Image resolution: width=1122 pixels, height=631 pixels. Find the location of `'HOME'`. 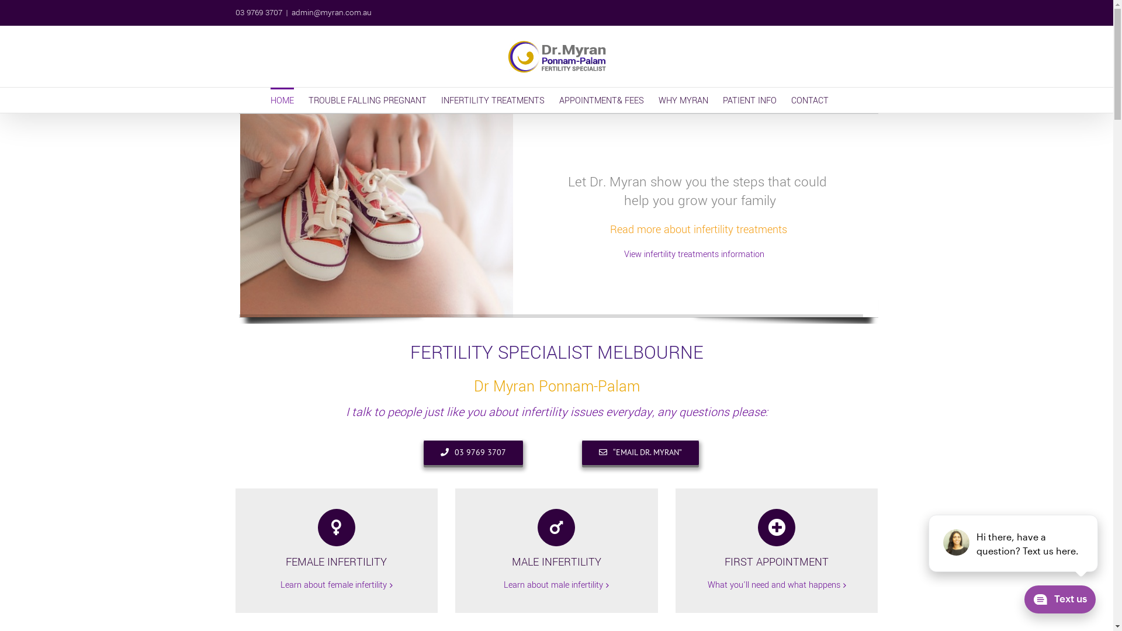

'HOME' is located at coordinates (281, 99).